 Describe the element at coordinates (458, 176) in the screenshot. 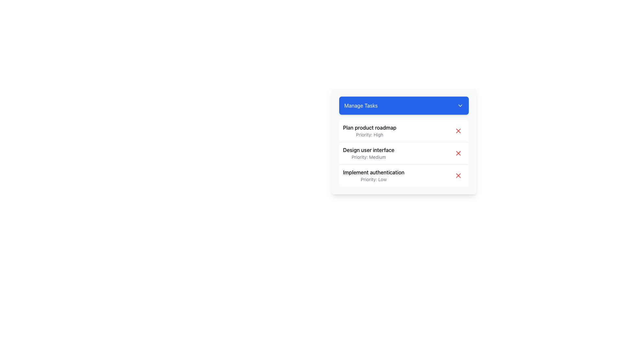

I see `the delete button, which is the third cross icon from the top, aligned with the 'Implement authentication' task under the 'Manage Tasks' heading` at that location.